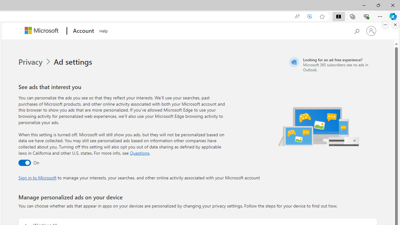  Describe the element at coordinates (310, 16) in the screenshot. I see `'Enhance video'` at that location.